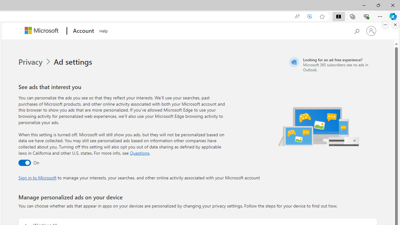  Describe the element at coordinates (310, 16) in the screenshot. I see `'Enhance video'` at that location.